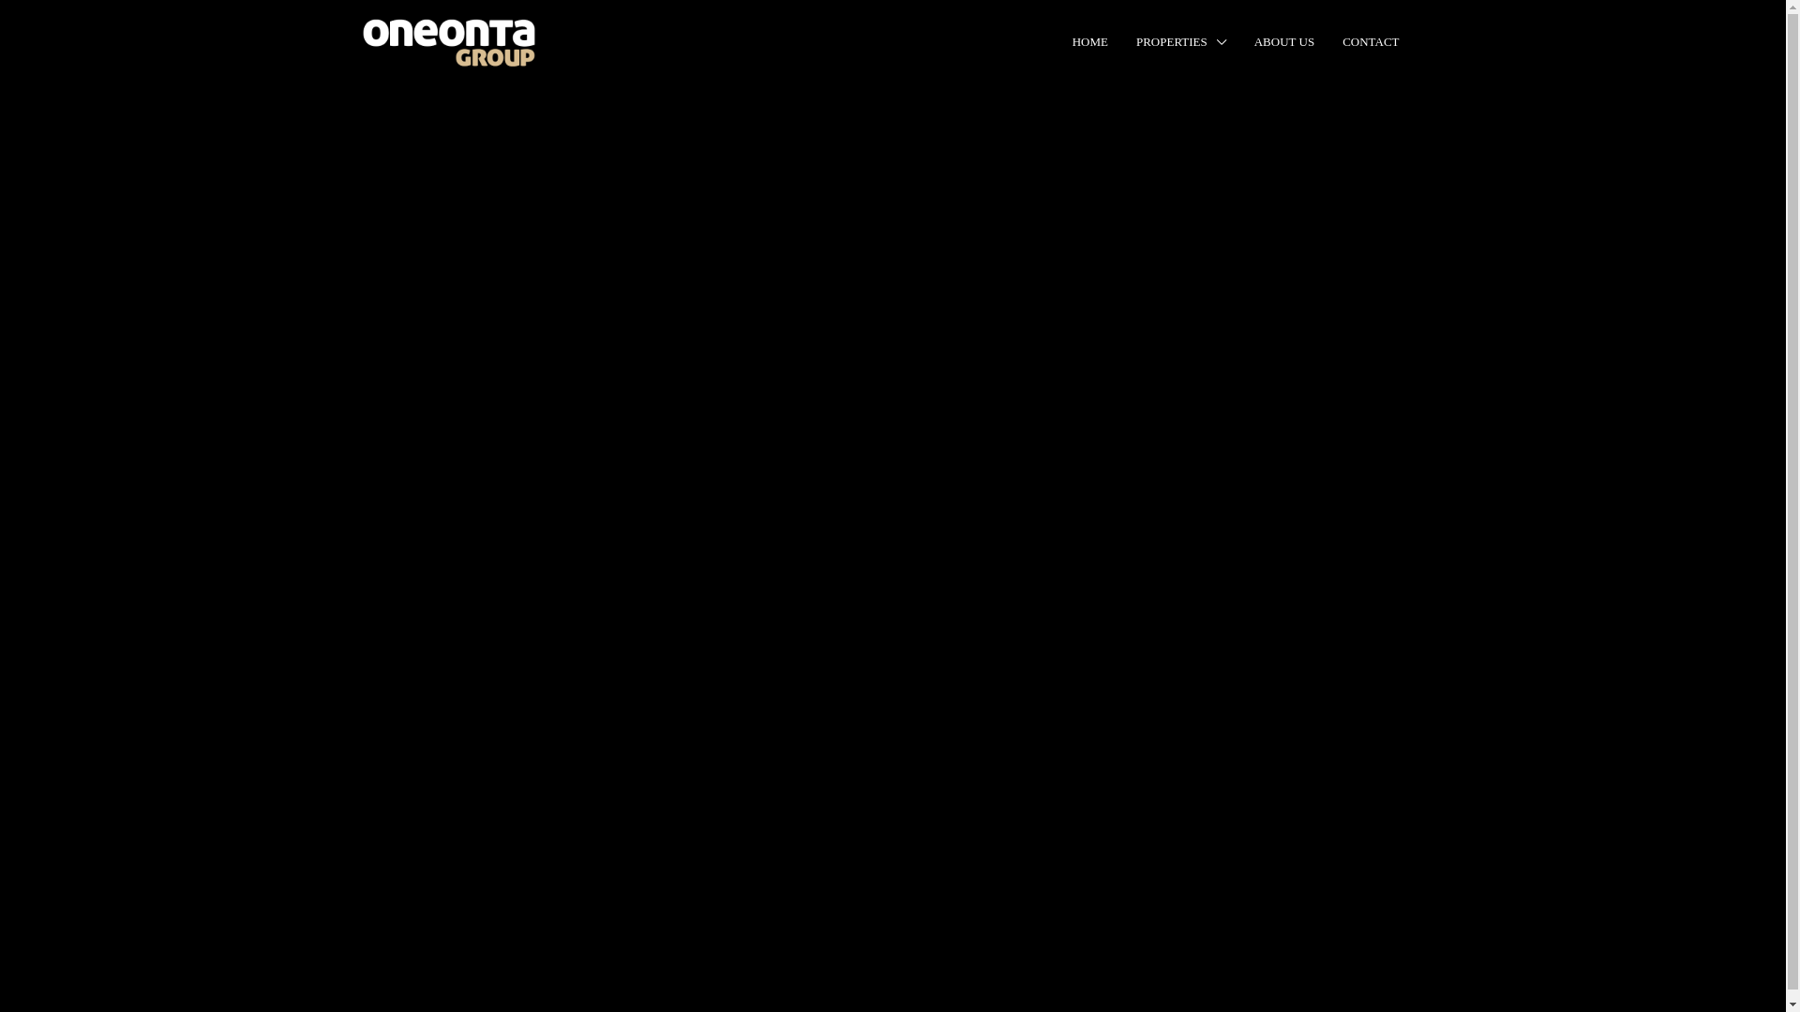 The width and height of the screenshot is (1800, 1012). Describe the element at coordinates (1179, 42) in the screenshot. I see `'PROPERTIES'` at that location.